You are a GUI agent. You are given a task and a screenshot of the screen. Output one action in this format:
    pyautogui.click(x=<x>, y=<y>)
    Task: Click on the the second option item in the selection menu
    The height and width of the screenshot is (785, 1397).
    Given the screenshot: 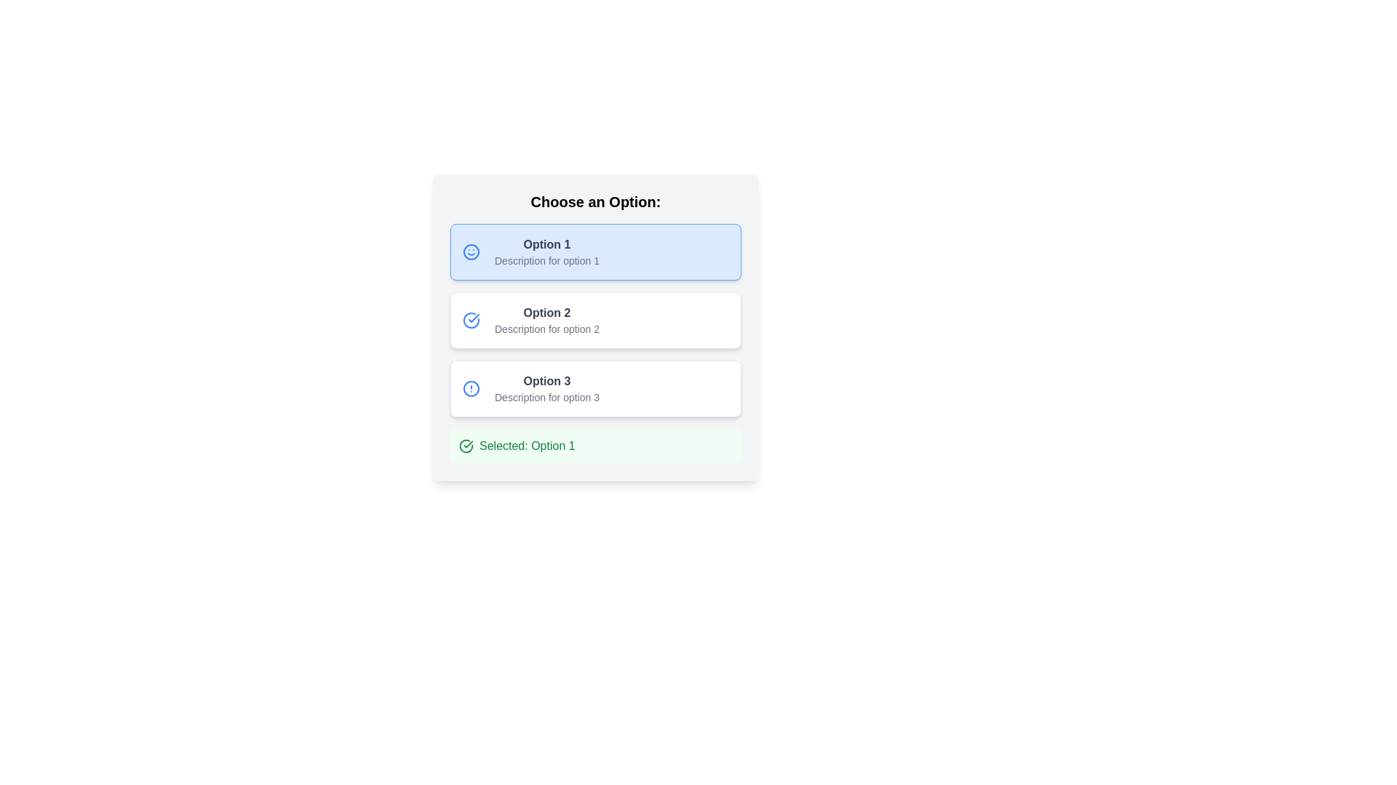 What is the action you would take?
    pyautogui.click(x=596, y=319)
    